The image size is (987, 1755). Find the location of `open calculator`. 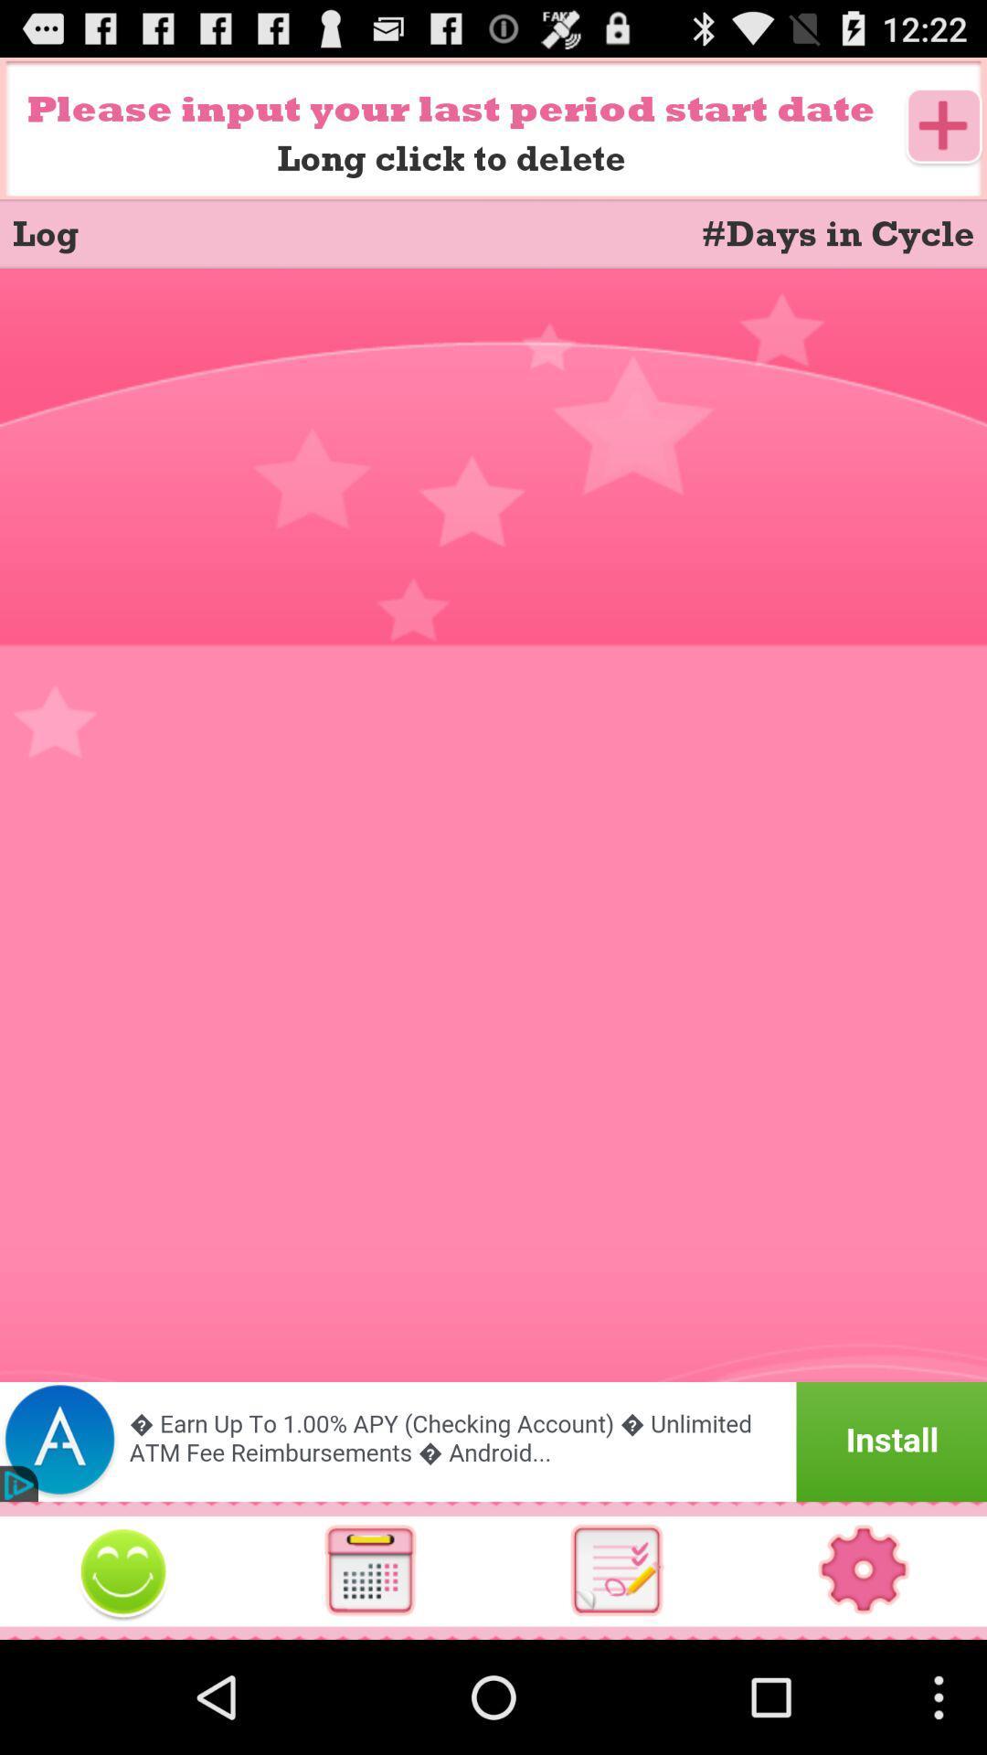

open calculator is located at coordinates (370, 1569).